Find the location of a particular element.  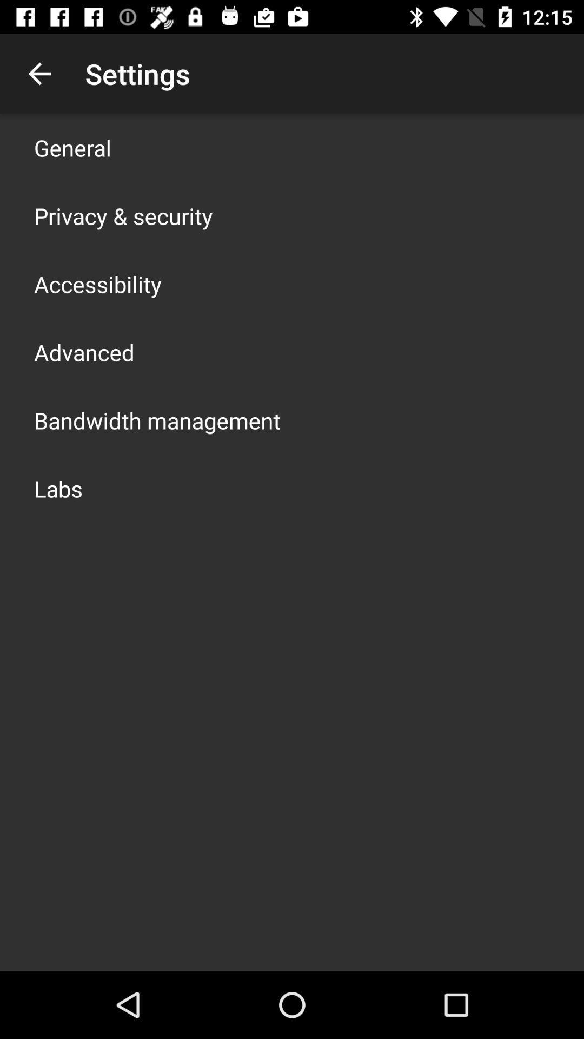

the accessibility is located at coordinates (98, 284).